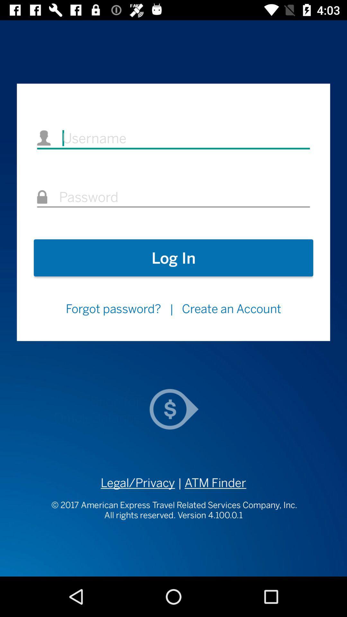  I want to click on the create an account on the right, so click(232, 308).